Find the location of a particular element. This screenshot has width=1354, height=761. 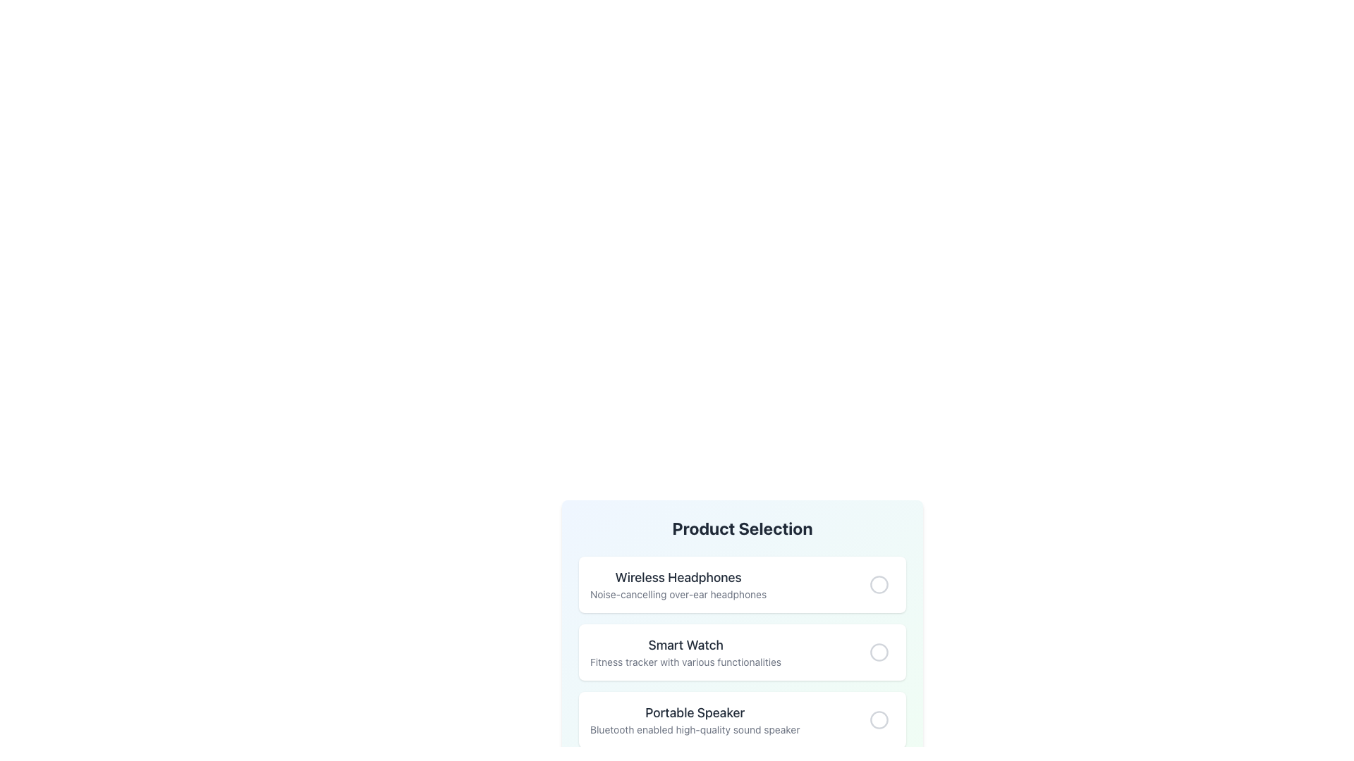

the second item in the product selection list, which is titled 'Smart Watch' and described as 'Fitness tracker with various functionalities' is located at coordinates (741, 652).